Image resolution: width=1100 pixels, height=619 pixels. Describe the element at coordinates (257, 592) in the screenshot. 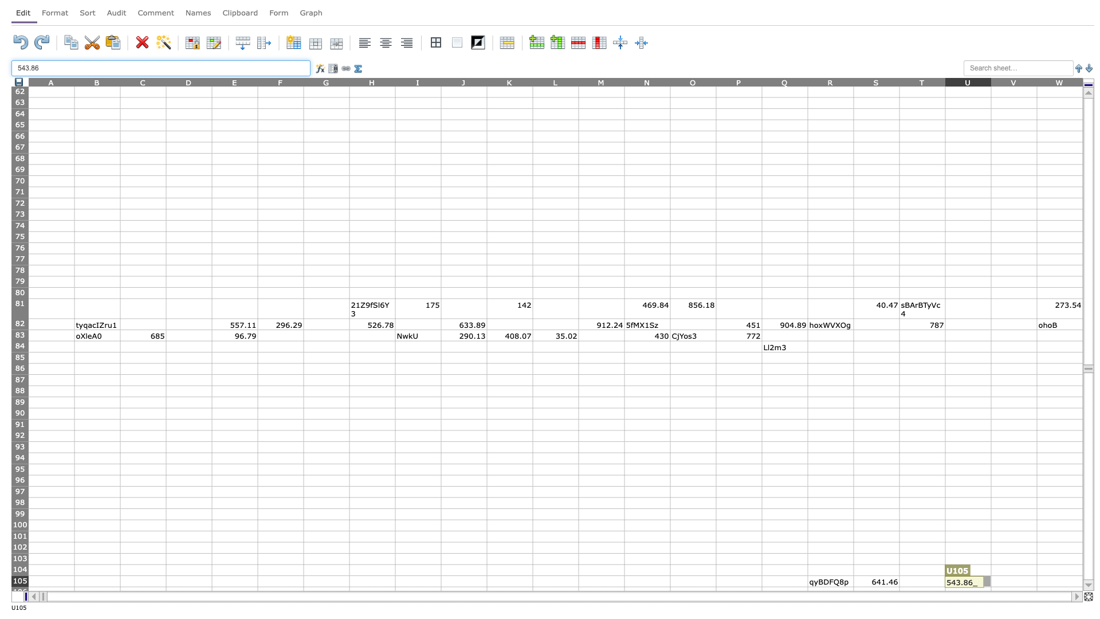

I see `Right border of cell E-106` at that location.